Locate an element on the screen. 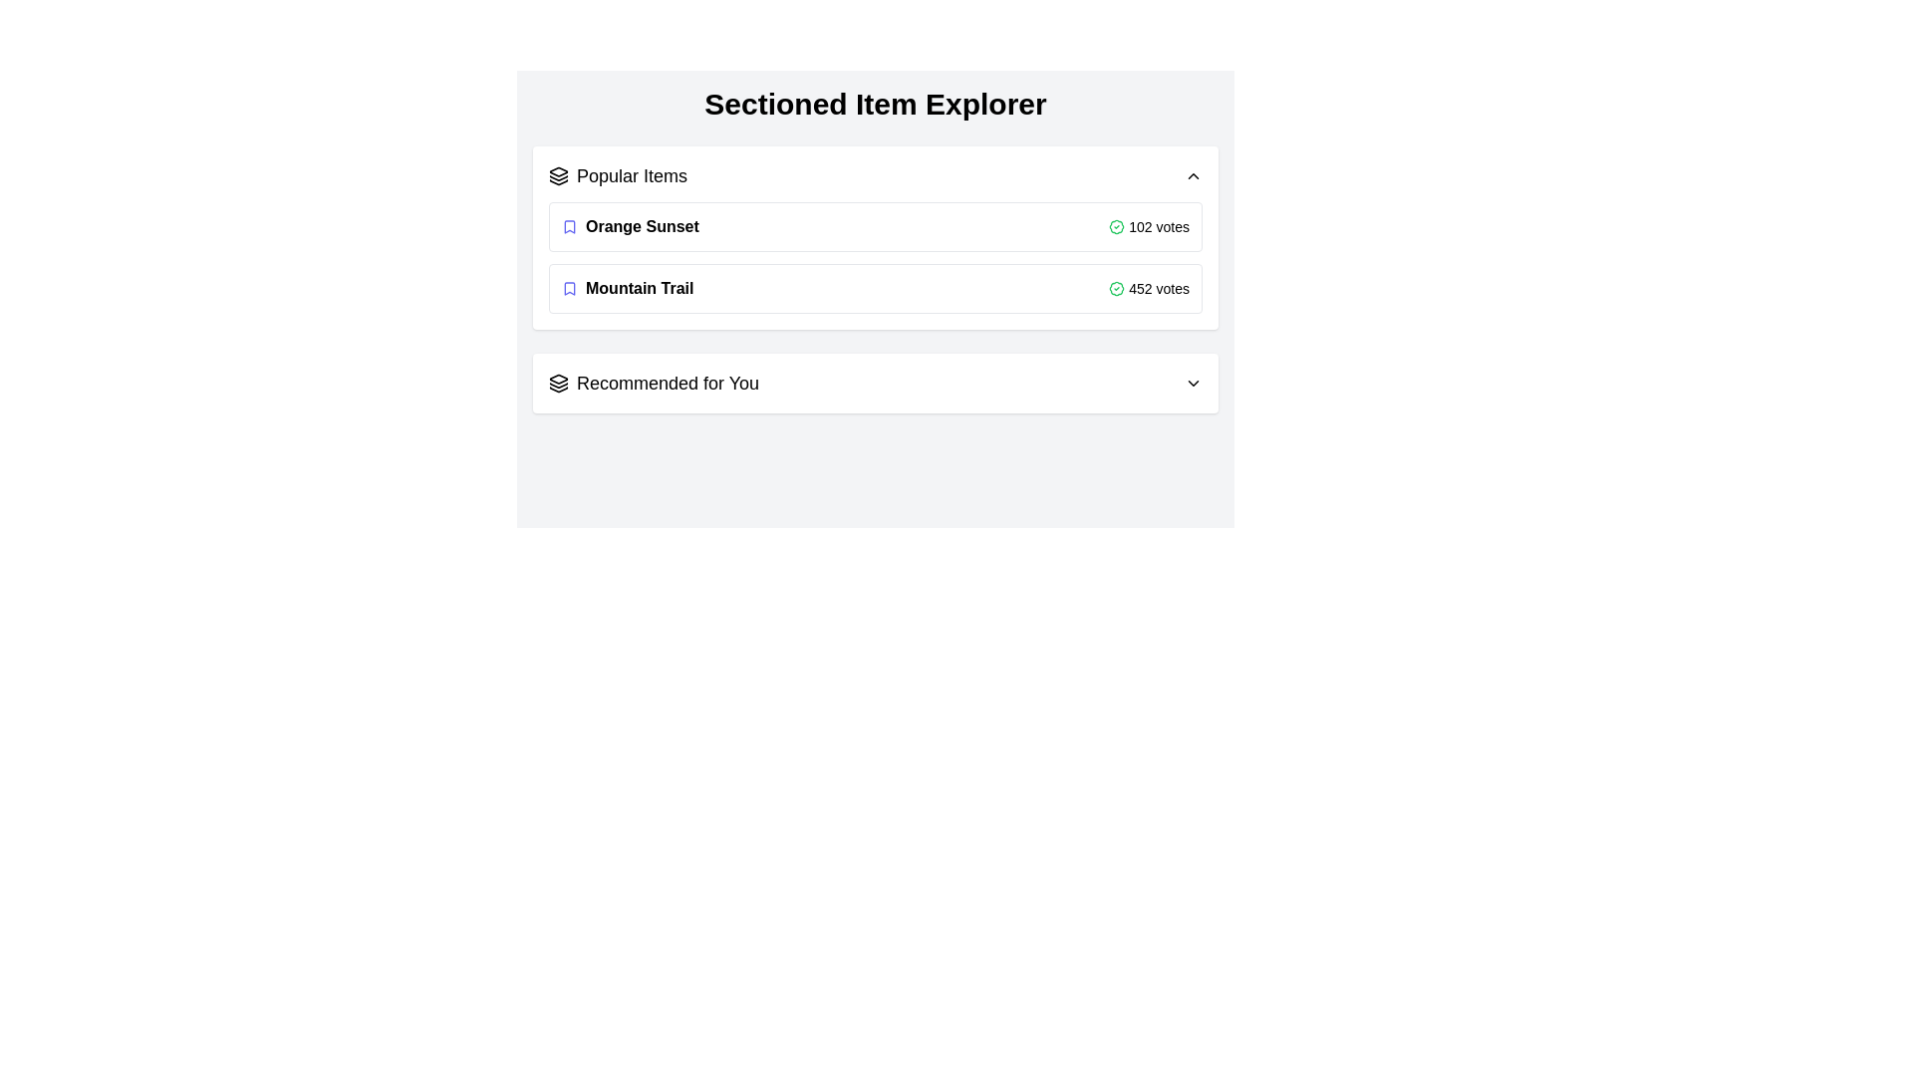 This screenshot has width=1913, height=1076. the circular badge icon with a green outline and a checkmark in the center, located next to '452 votes' in the 'Popular Items' section for 'Mountain Trail' is located at coordinates (1117, 288).